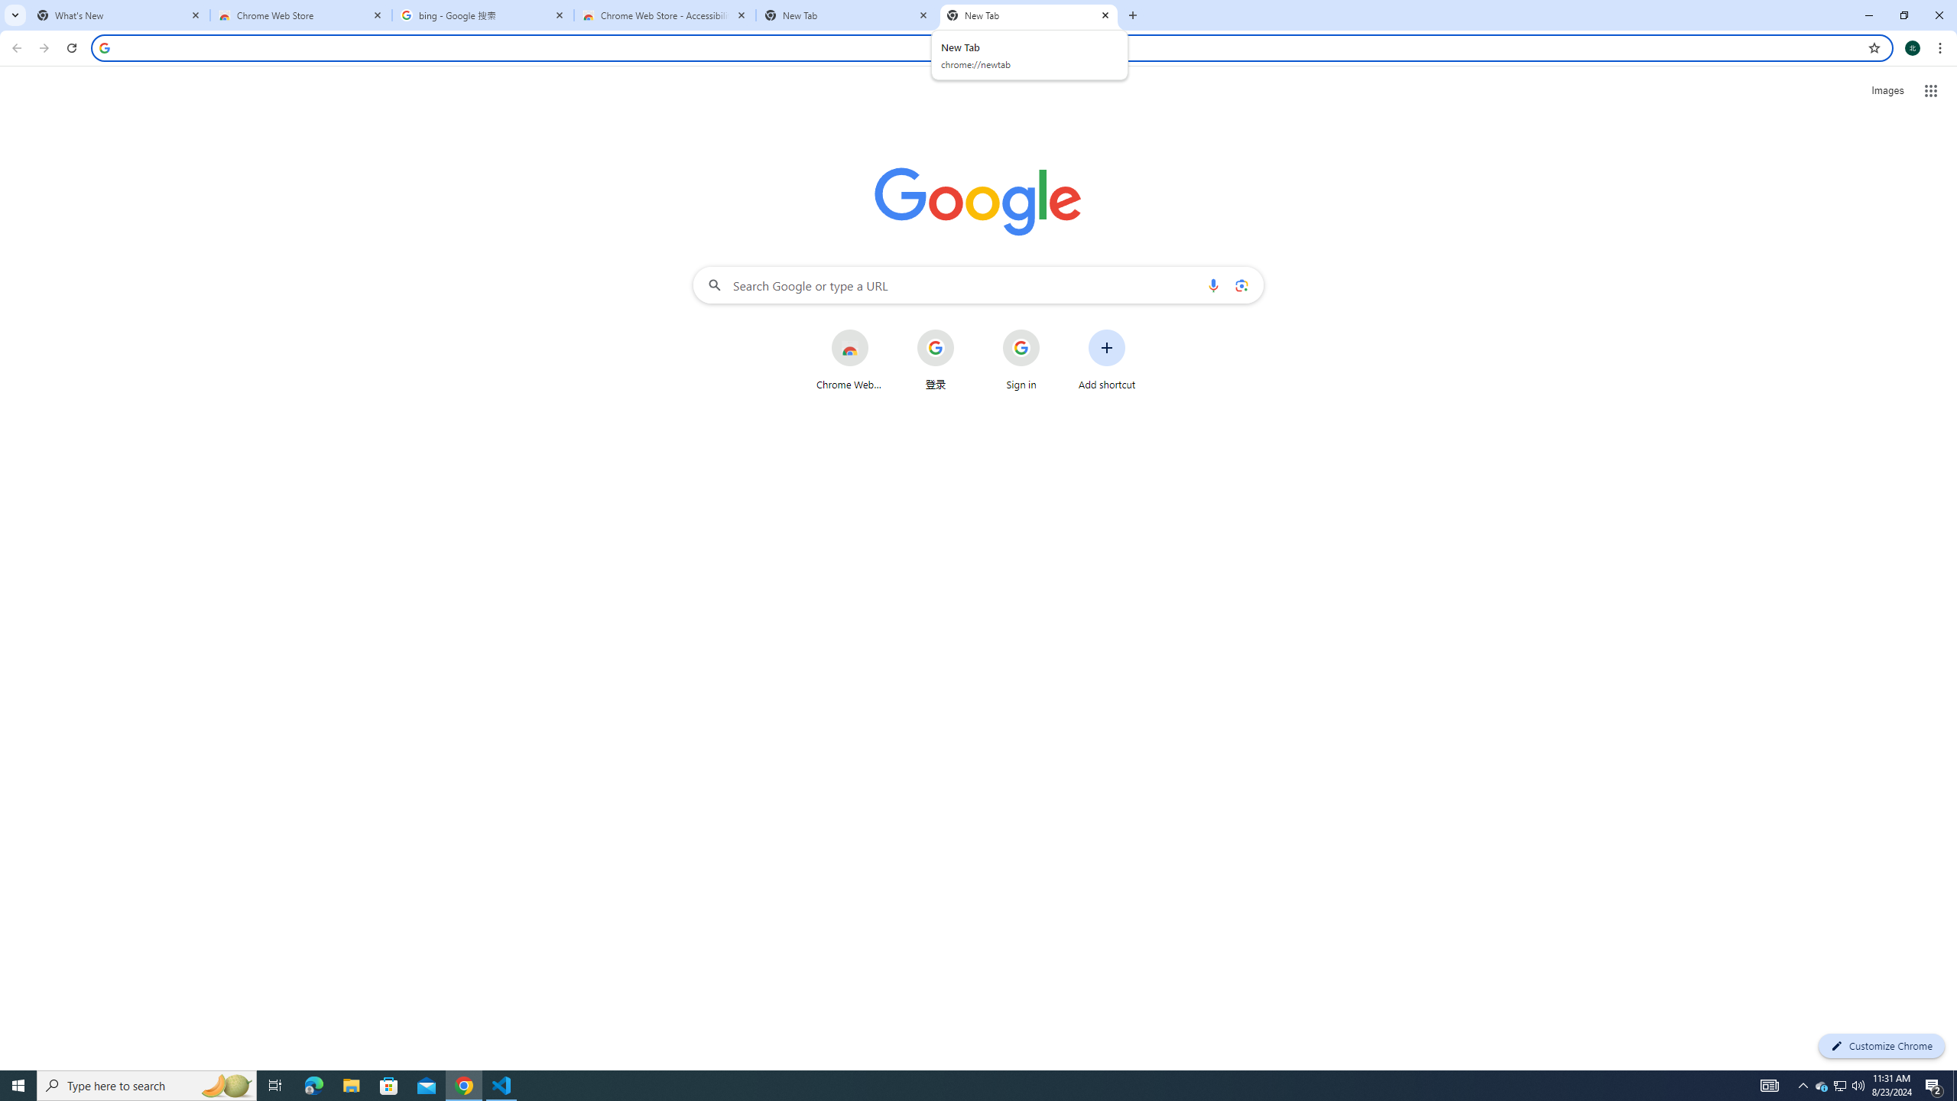 This screenshot has height=1101, width=1957. I want to click on 'Search Google or type a URL', so click(978, 284).